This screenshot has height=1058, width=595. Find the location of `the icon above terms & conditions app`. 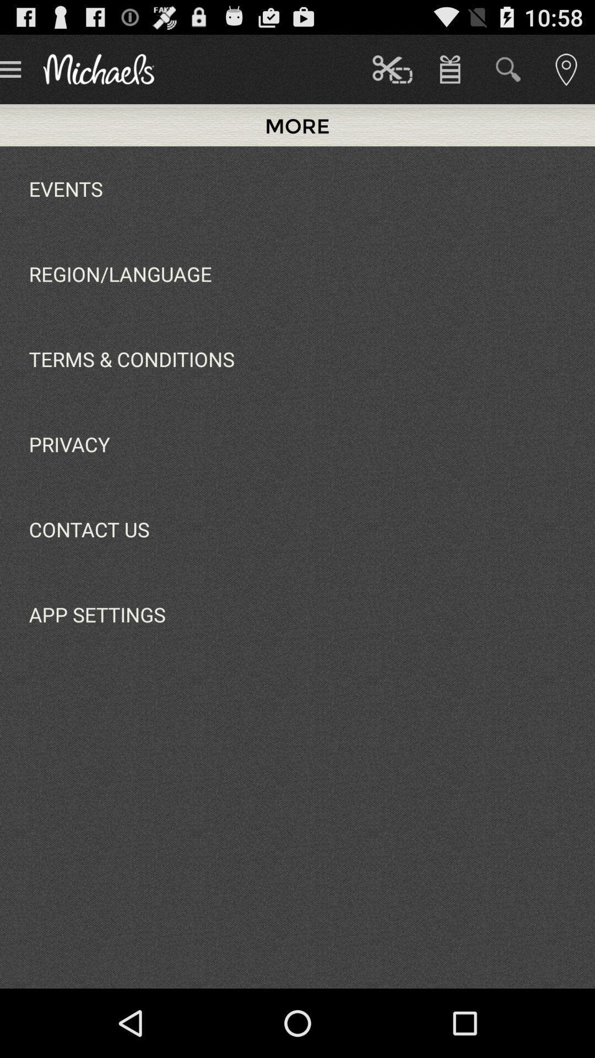

the icon above terms & conditions app is located at coordinates (120, 274).